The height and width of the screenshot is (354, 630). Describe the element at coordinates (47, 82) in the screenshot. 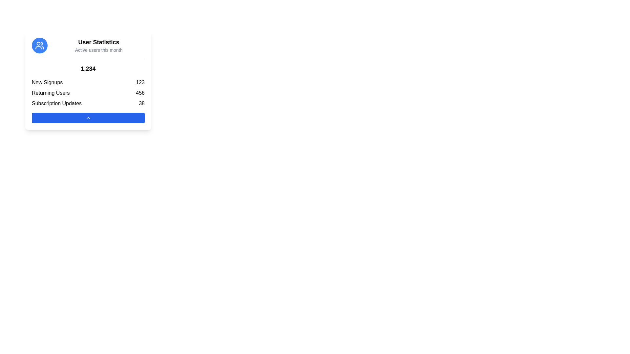

I see `Label that describes the numeric value ('123') in the User Statistics section, which is positioned on the left side of the numeric value and under the main heading 'User Statistics'` at that location.